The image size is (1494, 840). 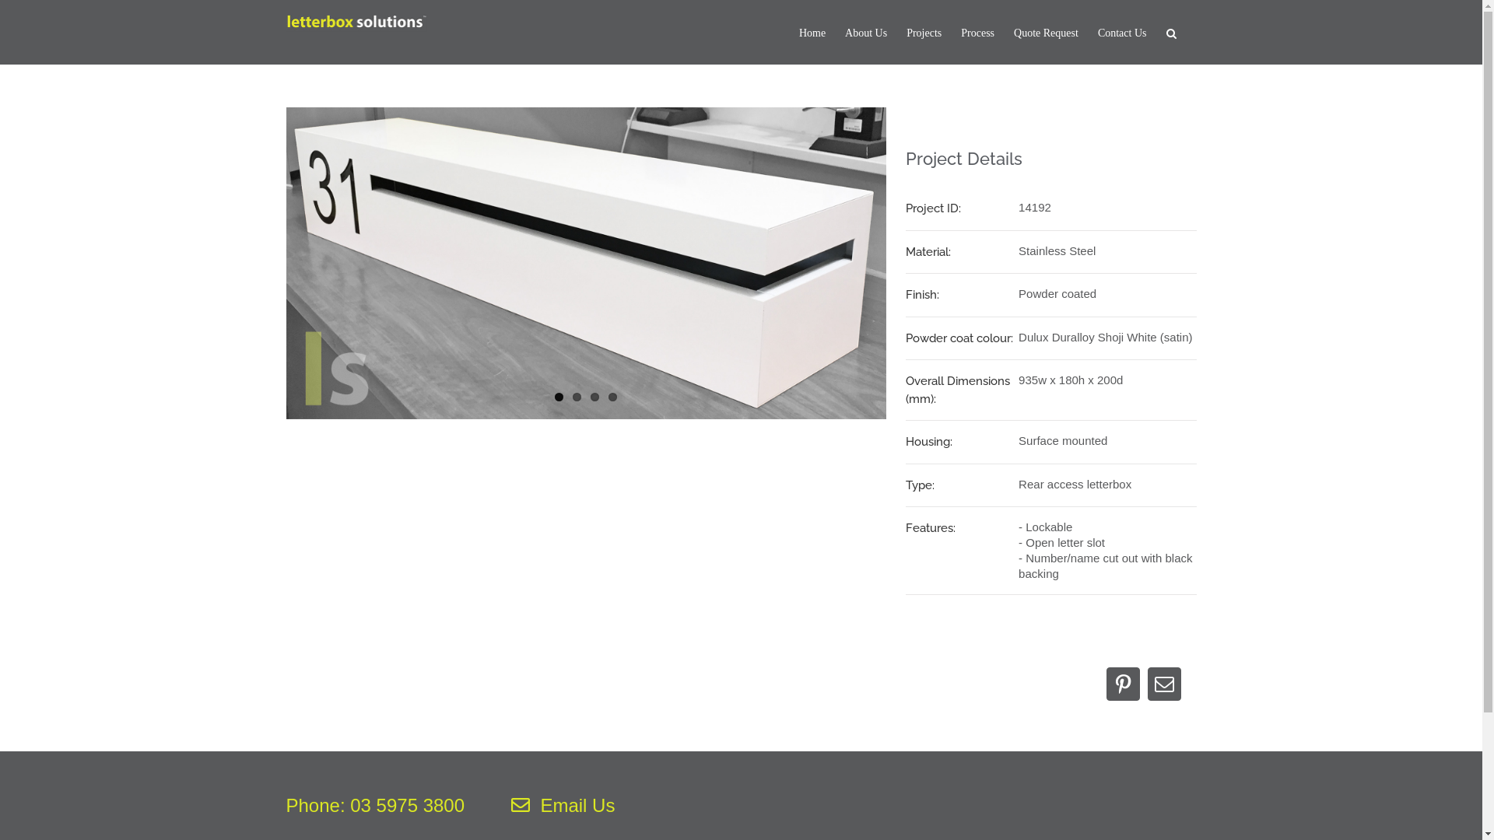 I want to click on 'Contact Us', so click(x=1122, y=32).